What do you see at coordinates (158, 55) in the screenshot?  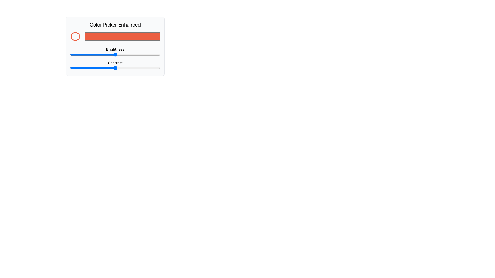 I see `brightness` at bounding box center [158, 55].